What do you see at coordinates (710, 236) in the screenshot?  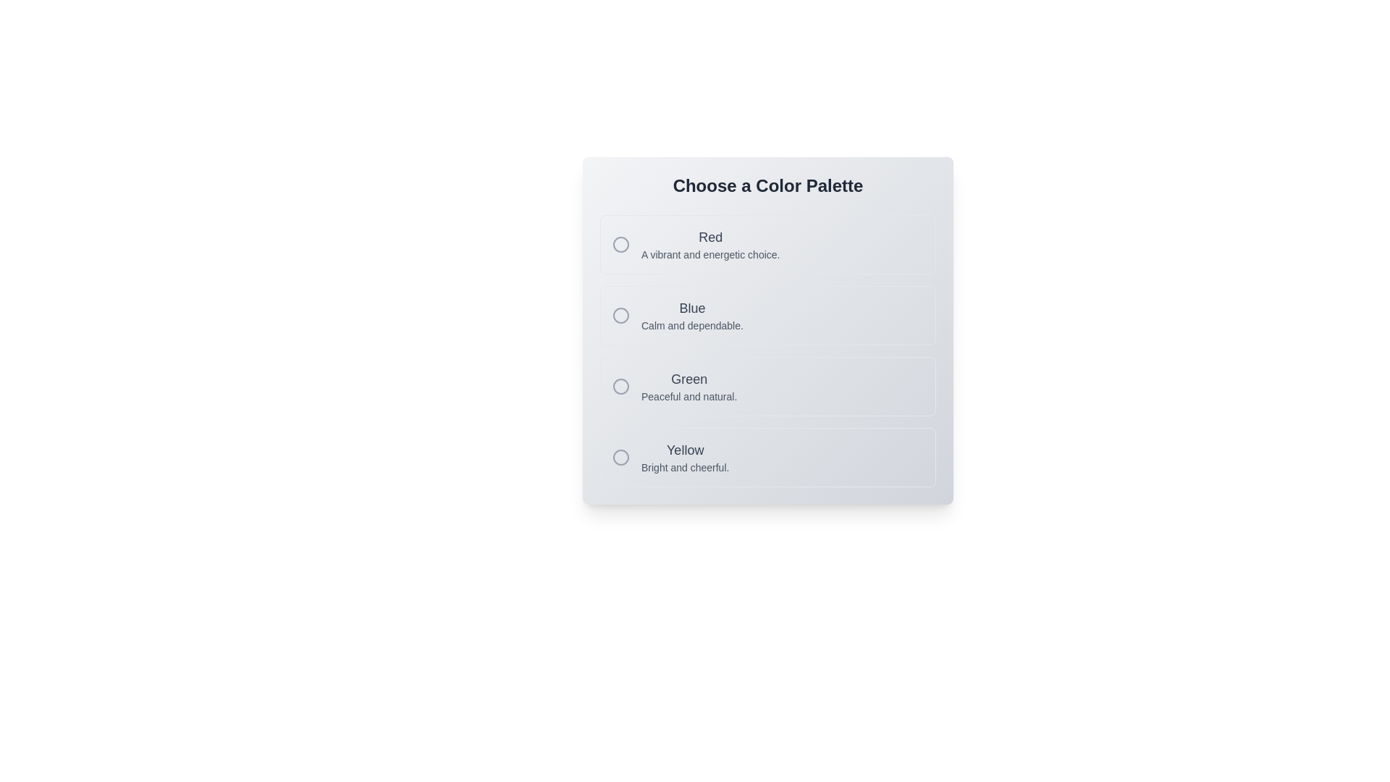 I see `the bold title text labeled 'Red', which is styled with a larger font size and dark gray color, located in the first option section of a vertical list of color options` at bounding box center [710, 236].